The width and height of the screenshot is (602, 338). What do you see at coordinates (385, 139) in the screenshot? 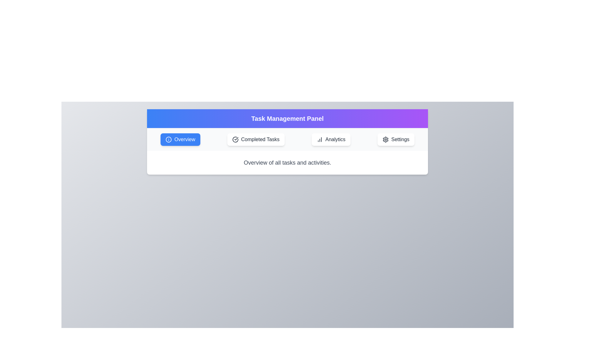
I see `the 'Settings' icon in the navigation panel, which is the fourth button from the left` at bounding box center [385, 139].